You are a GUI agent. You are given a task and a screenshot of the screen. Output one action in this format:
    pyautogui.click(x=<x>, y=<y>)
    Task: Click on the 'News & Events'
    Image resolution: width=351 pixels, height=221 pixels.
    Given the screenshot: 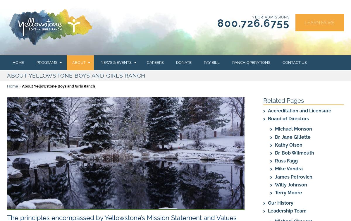 What is the action you would take?
    pyautogui.click(x=116, y=62)
    